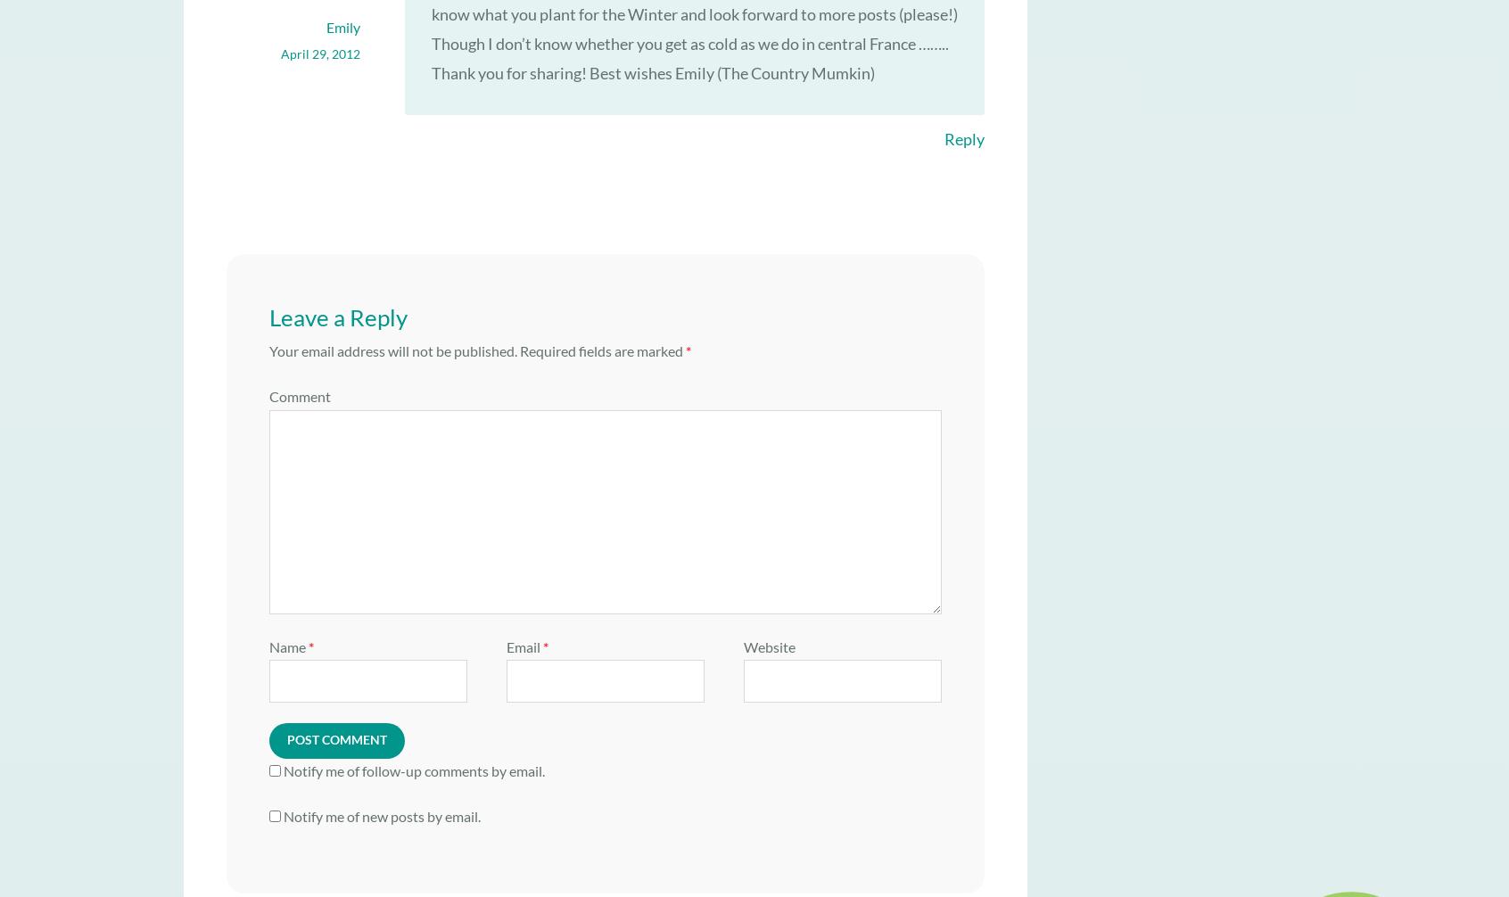  I want to click on 'Comment', so click(299, 395).